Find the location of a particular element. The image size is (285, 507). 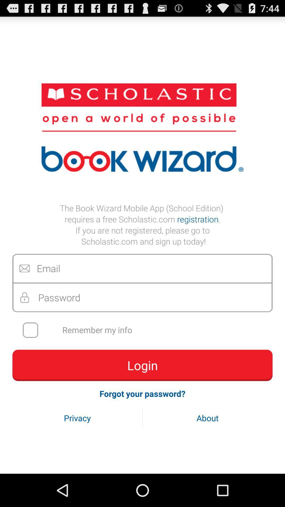

privacy item is located at coordinates (77, 418).